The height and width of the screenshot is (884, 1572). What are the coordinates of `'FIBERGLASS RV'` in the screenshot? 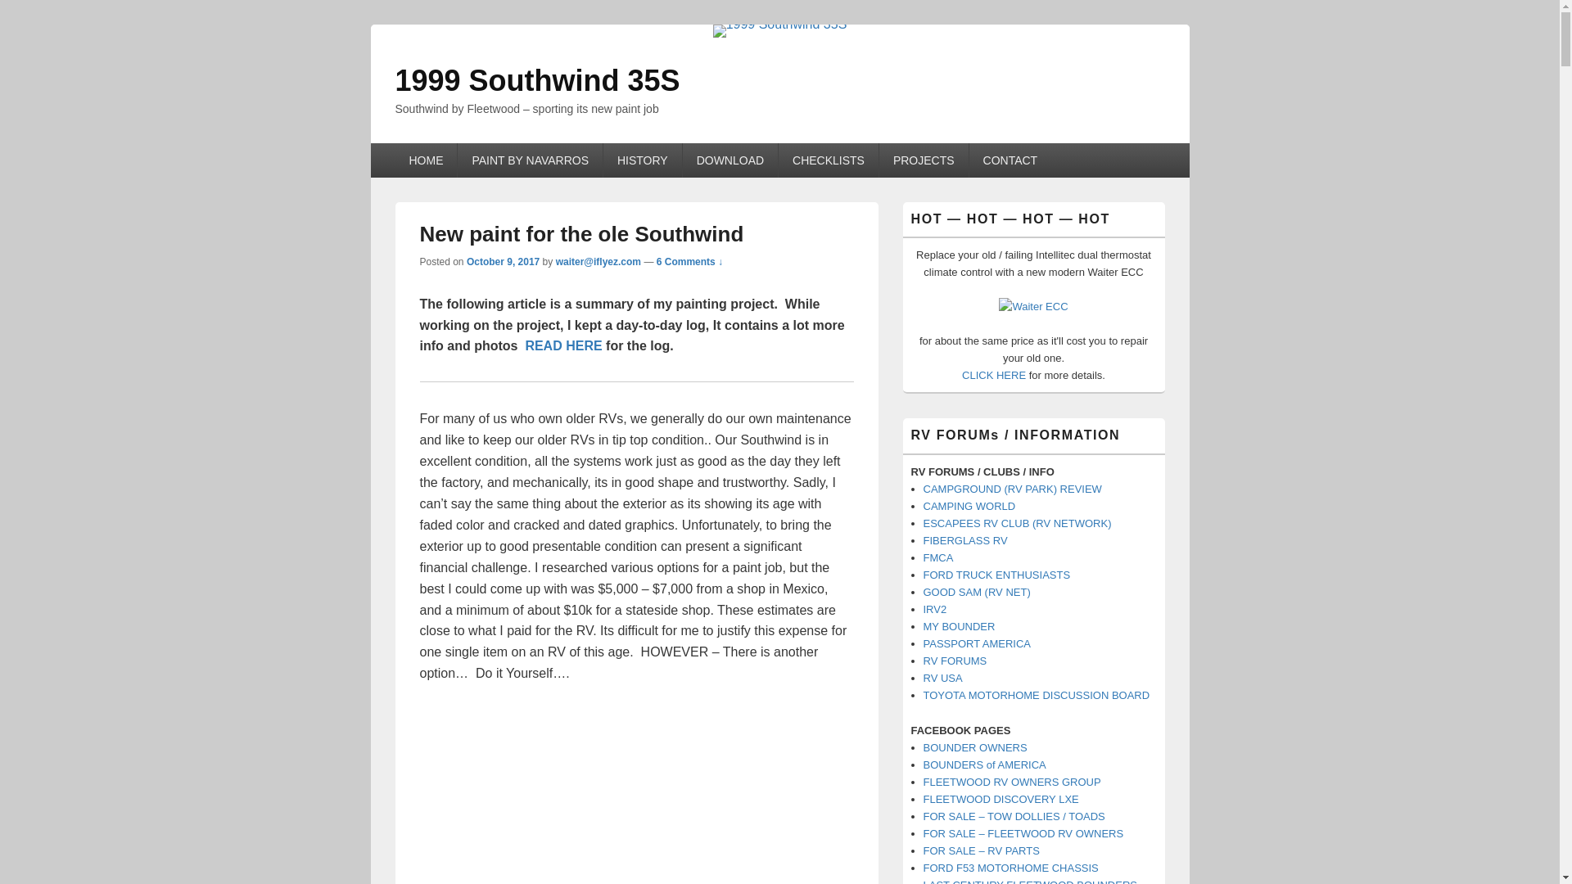 It's located at (965, 540).